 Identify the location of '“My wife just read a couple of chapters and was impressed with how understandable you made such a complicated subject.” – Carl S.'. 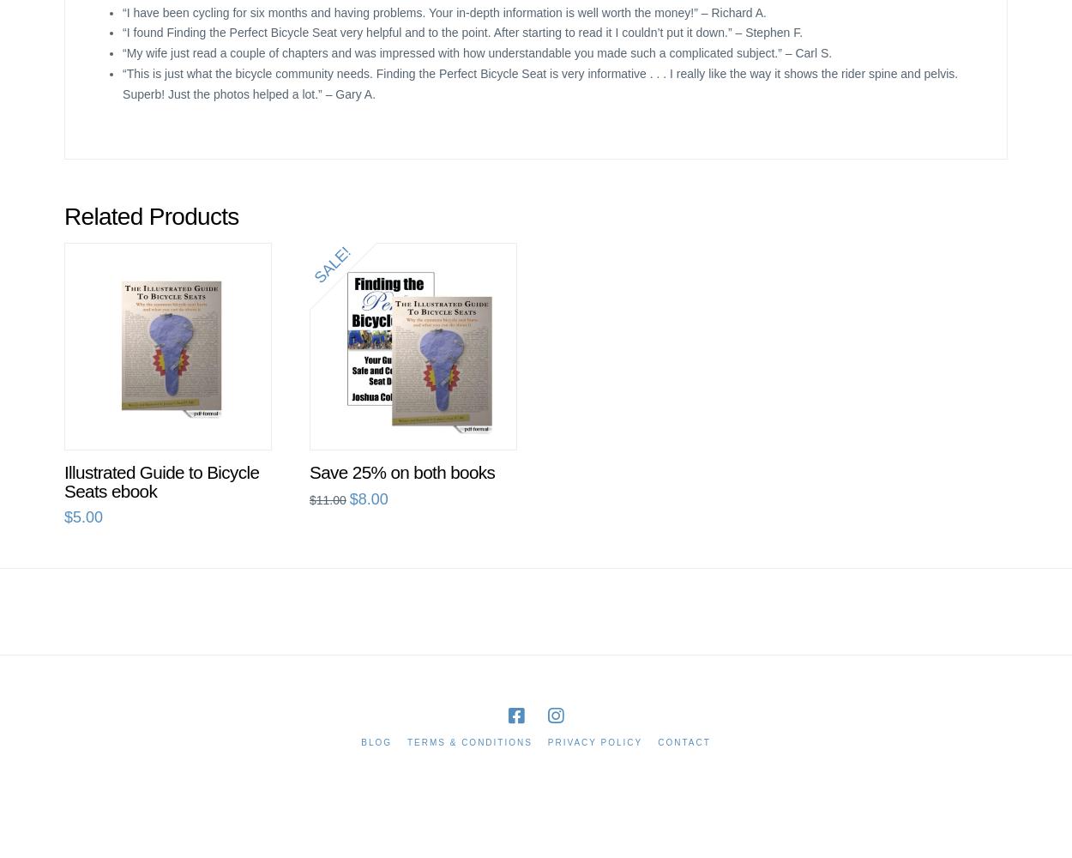
(477, 53).